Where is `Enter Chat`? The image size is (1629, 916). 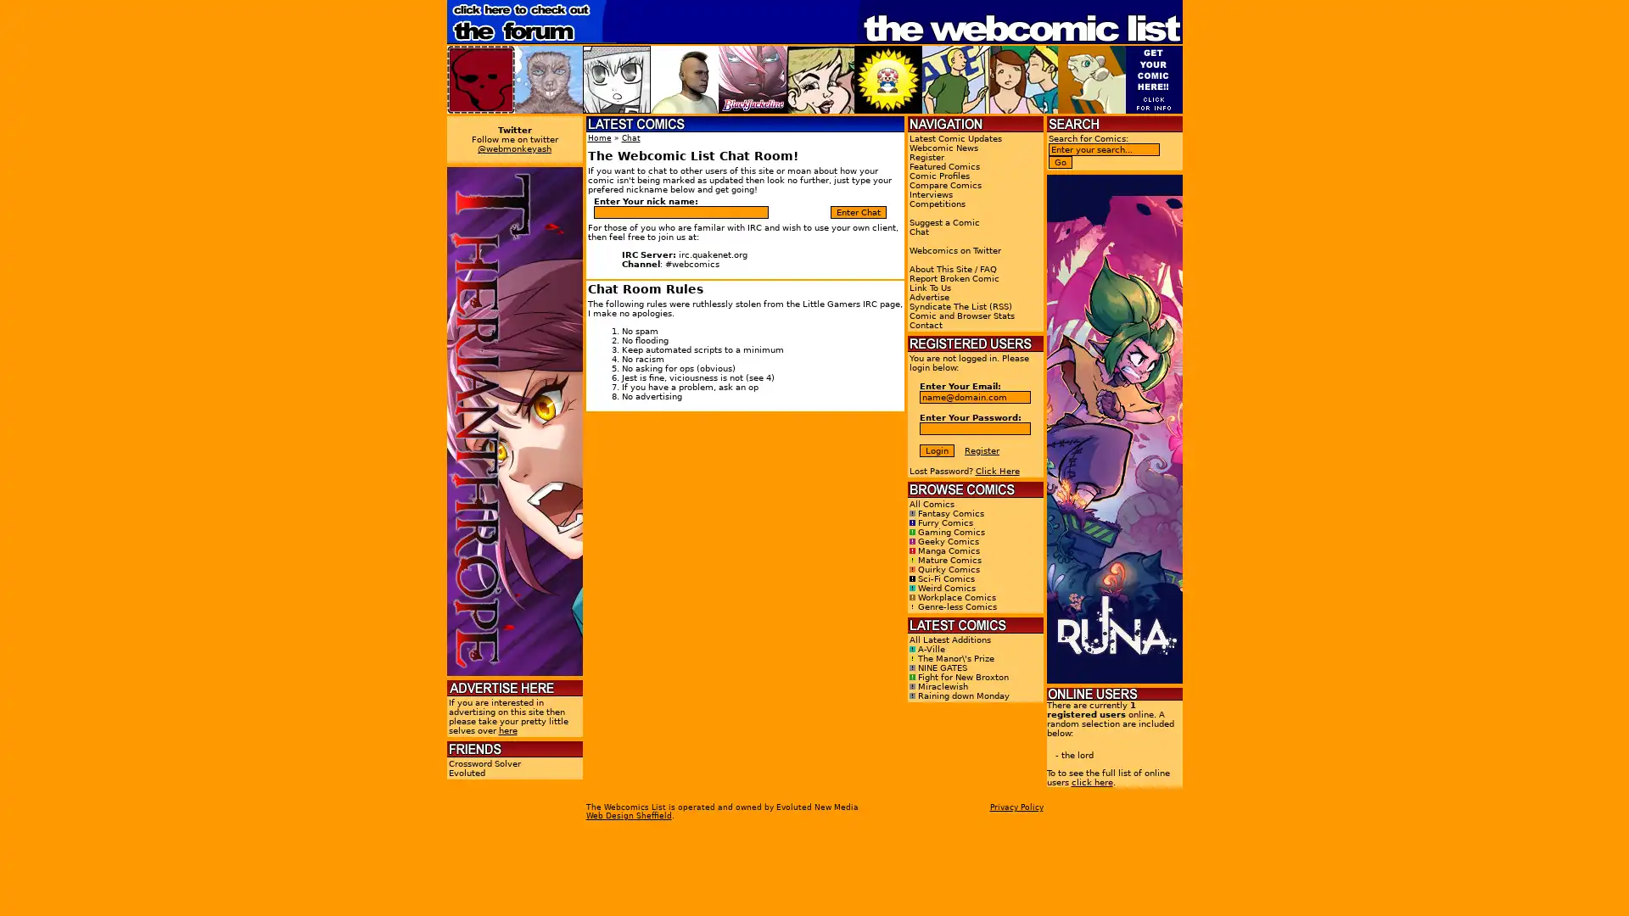 Enter Chat is located at coordinates (859, 211).